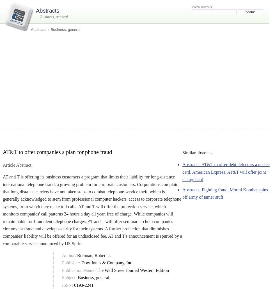 The width and height of the screenshot is (275, 289). Describe the element at coordinates (62, 270) in the screenshot. I see `'Publication Name:'` at that location.